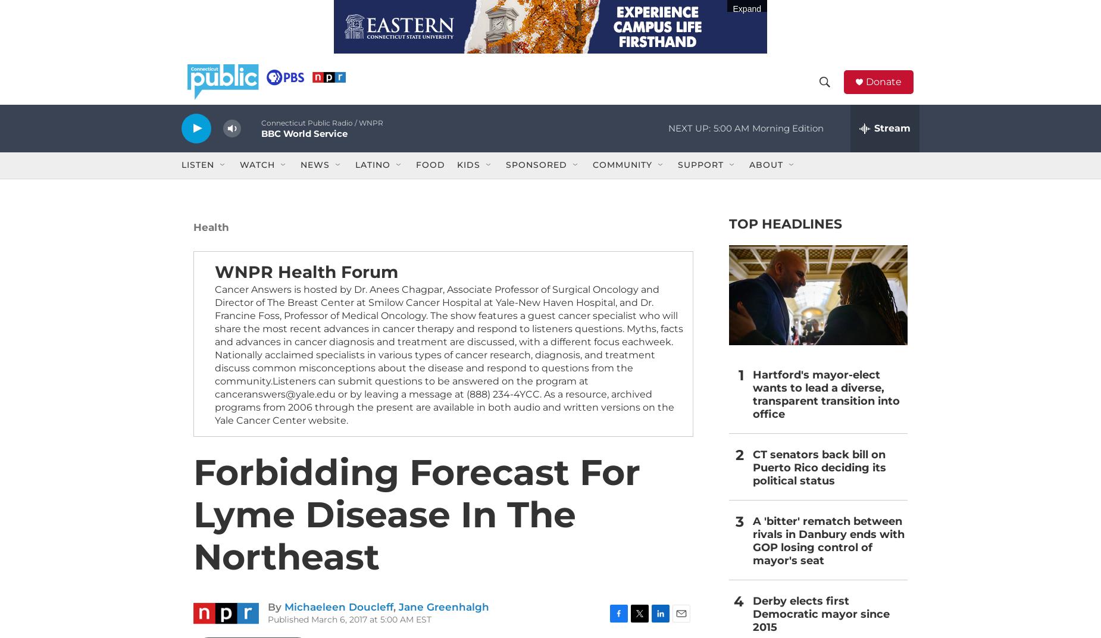 The image size is (1101, 638). I want to click on 'Cancer Answers is hosted by Dr. Anees Chagpar, Associate Professor of Surgical Oncology and Director of The Breast Center at Smilow Cancer Hospital at Yale-New Haven Hospital, and Dr. Francine Foss, Professor of Medical Oncology. The show features a guest cancer specialist who will share the most recent advances in cancer therapy and respond to listeners questions. Myths, facts and advances in cancer diagnosis and treatment are discussed, with a different focus eachweek. Nationally acclaimed specialists in various types of cancer research, diagnosis, and treatment discuss common misconceptions about the disease and respond to questions from the community.Listeners can submit questions to be answered on the program at canceranswers@yale.edu or by leaving a message at (888) 234-4YCC. As a resource, archived programs from 2006 through the present are available in both audio and written versions on the Yale Cancer Center website.', so click(449, 372).